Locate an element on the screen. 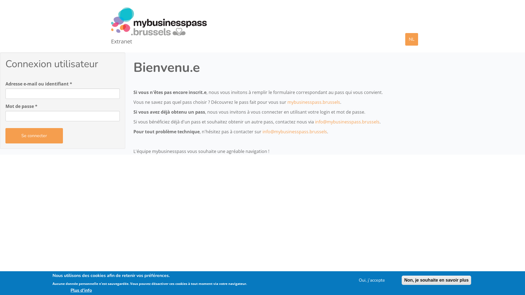  'Accueil' is located at coordinates (161, 21).